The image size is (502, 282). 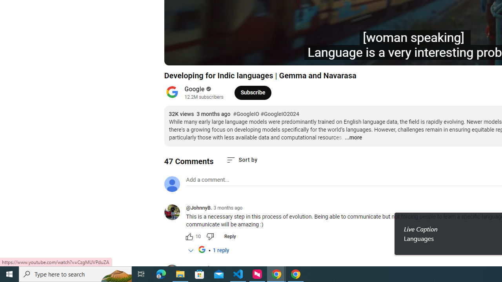 I want to click on 'Sort comments', so click(x=241, y=159).